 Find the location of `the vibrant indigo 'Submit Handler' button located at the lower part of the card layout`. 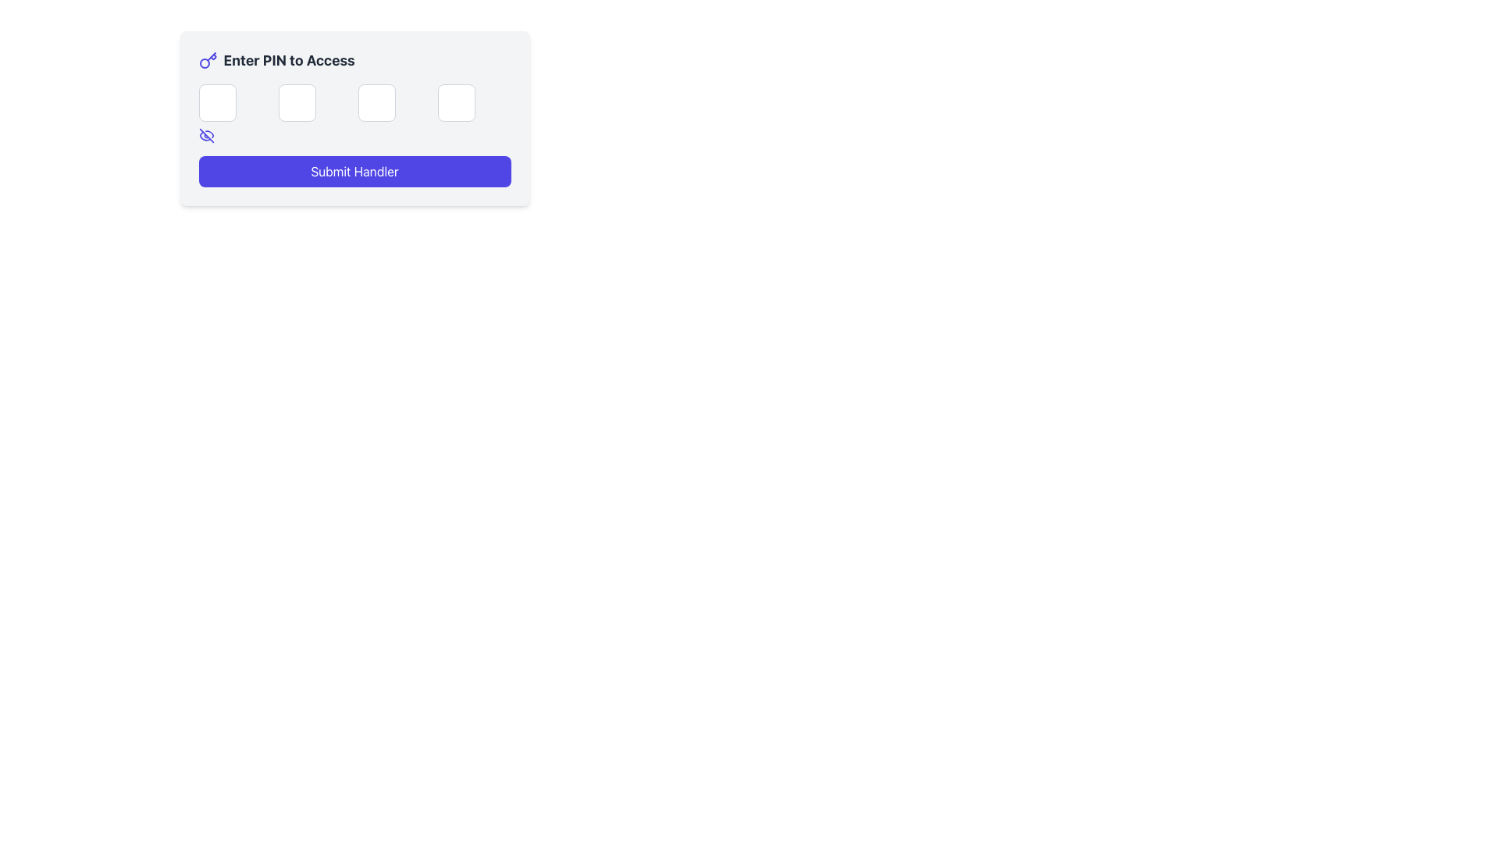

the vibrant indigo 'Submit Handler' button located at the lower part of the card layout is located at coordinates (354, 171).